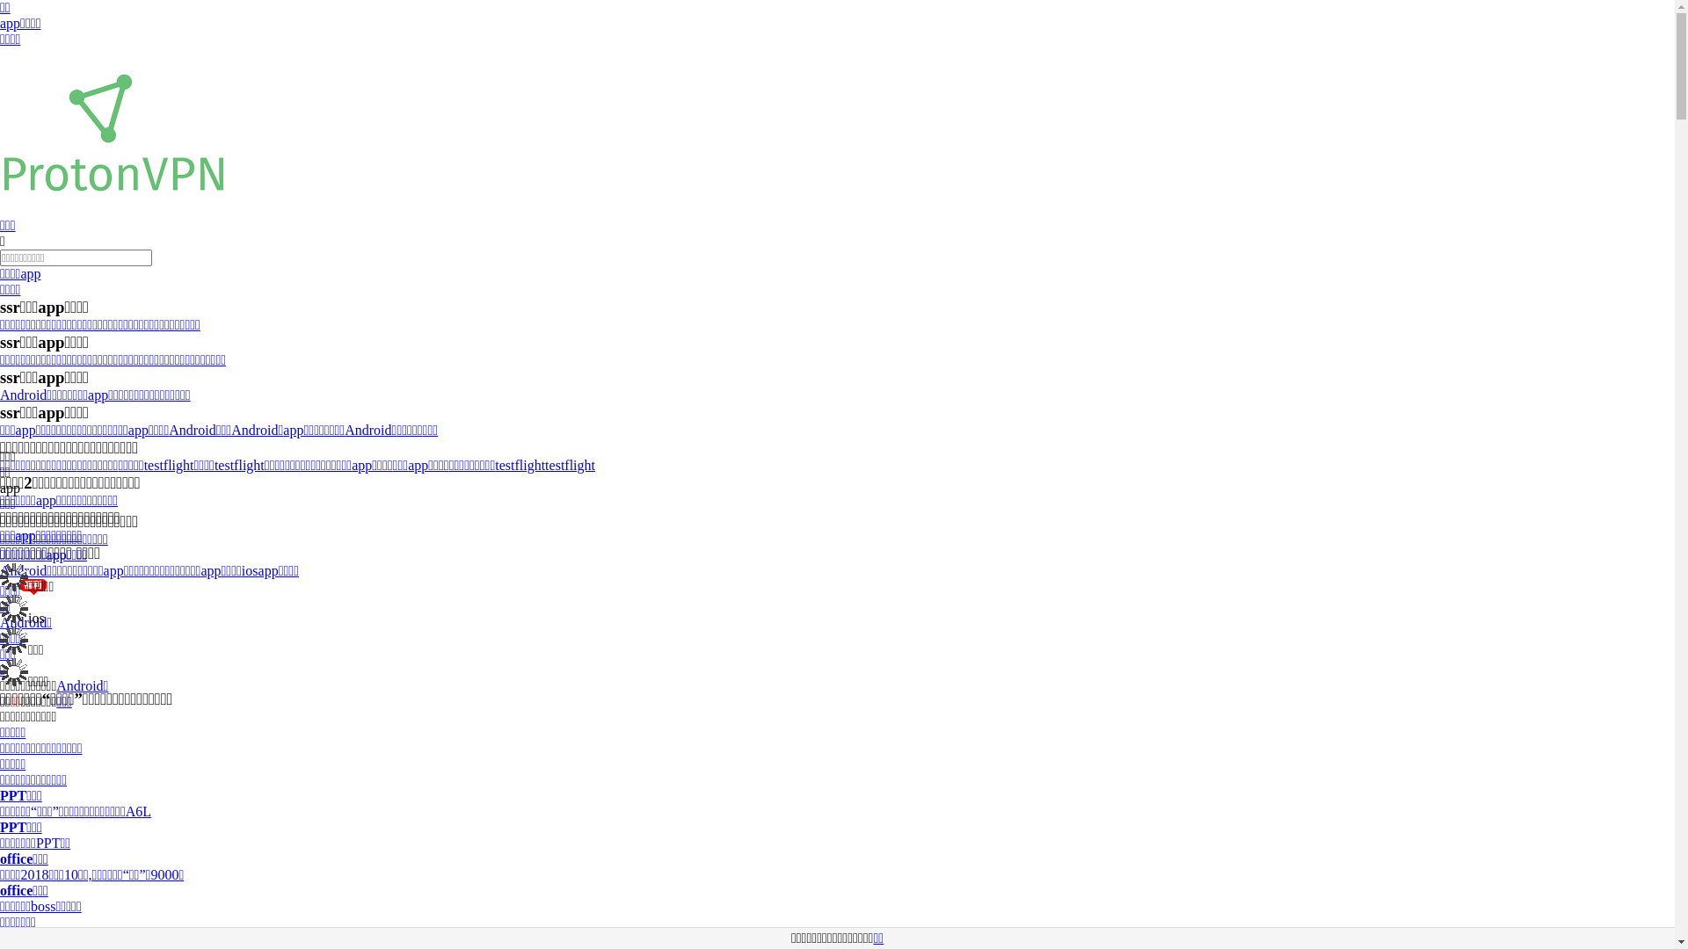 This screenshot has height=949, width=1688. What do you see at coordinates (570, 464) in the screenshot?
I see `'testflight'` at bounding box center [570, 464].